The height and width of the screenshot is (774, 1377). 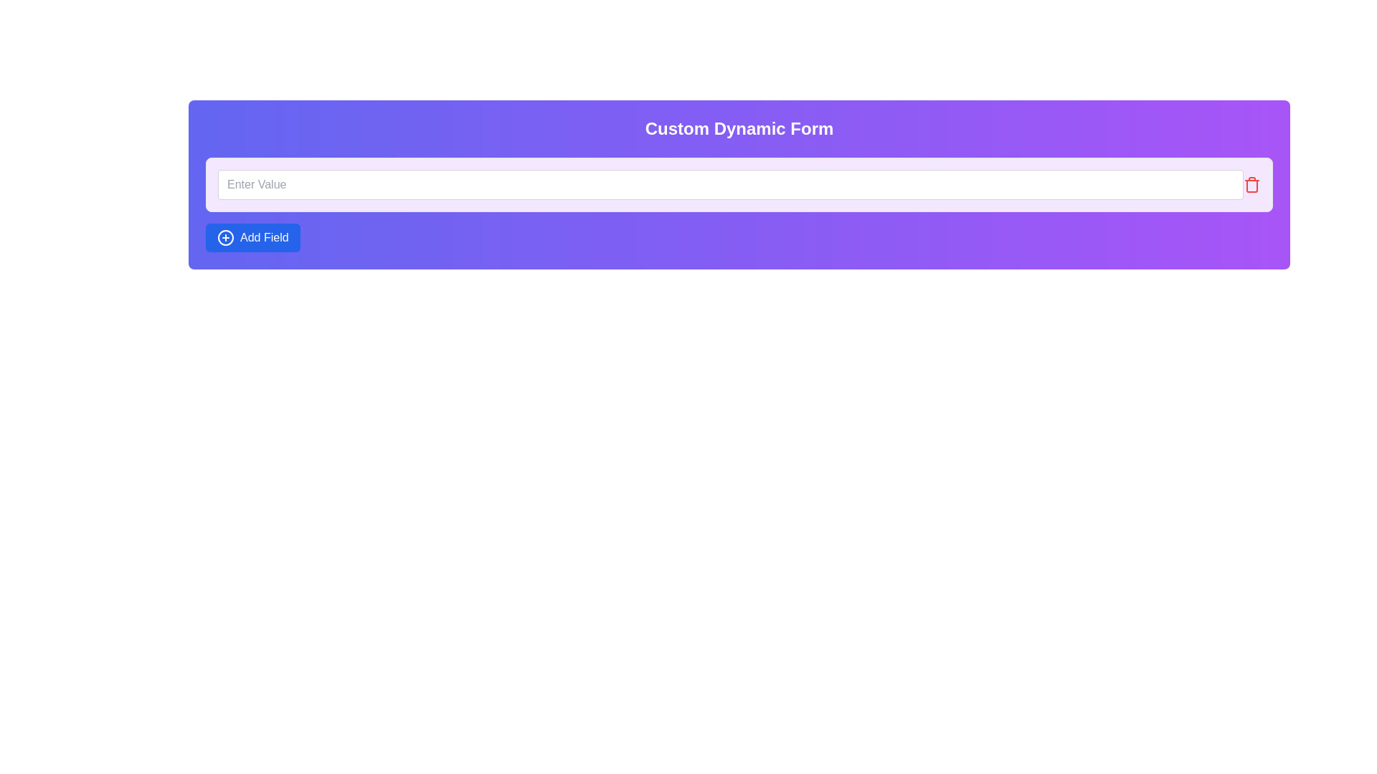 What do you see at coordinates (730, 184) in the screenshot?
I see `the text input field located within the 'Custom Dynamic Form' section by tabbing to it` at bounding box center [730, 184].